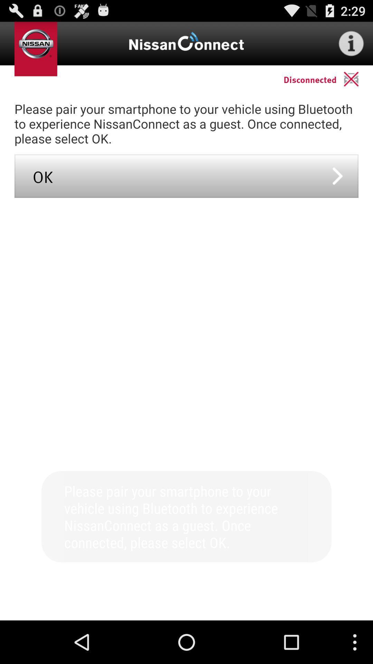  I want to click on info, so click(351, 43).